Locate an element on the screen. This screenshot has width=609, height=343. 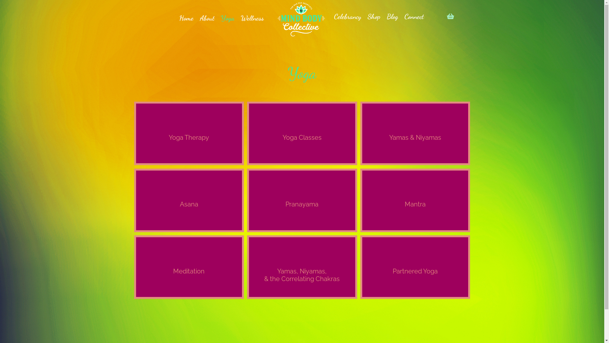
'Yoga Classes' is located at coordinates (301, 133).